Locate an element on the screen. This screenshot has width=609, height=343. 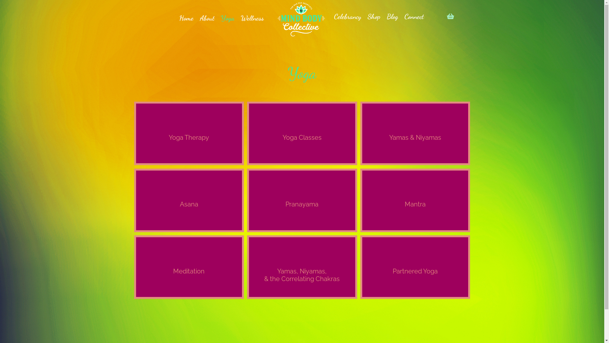
'Yoga Classes' is located at coordinates (301, 133).